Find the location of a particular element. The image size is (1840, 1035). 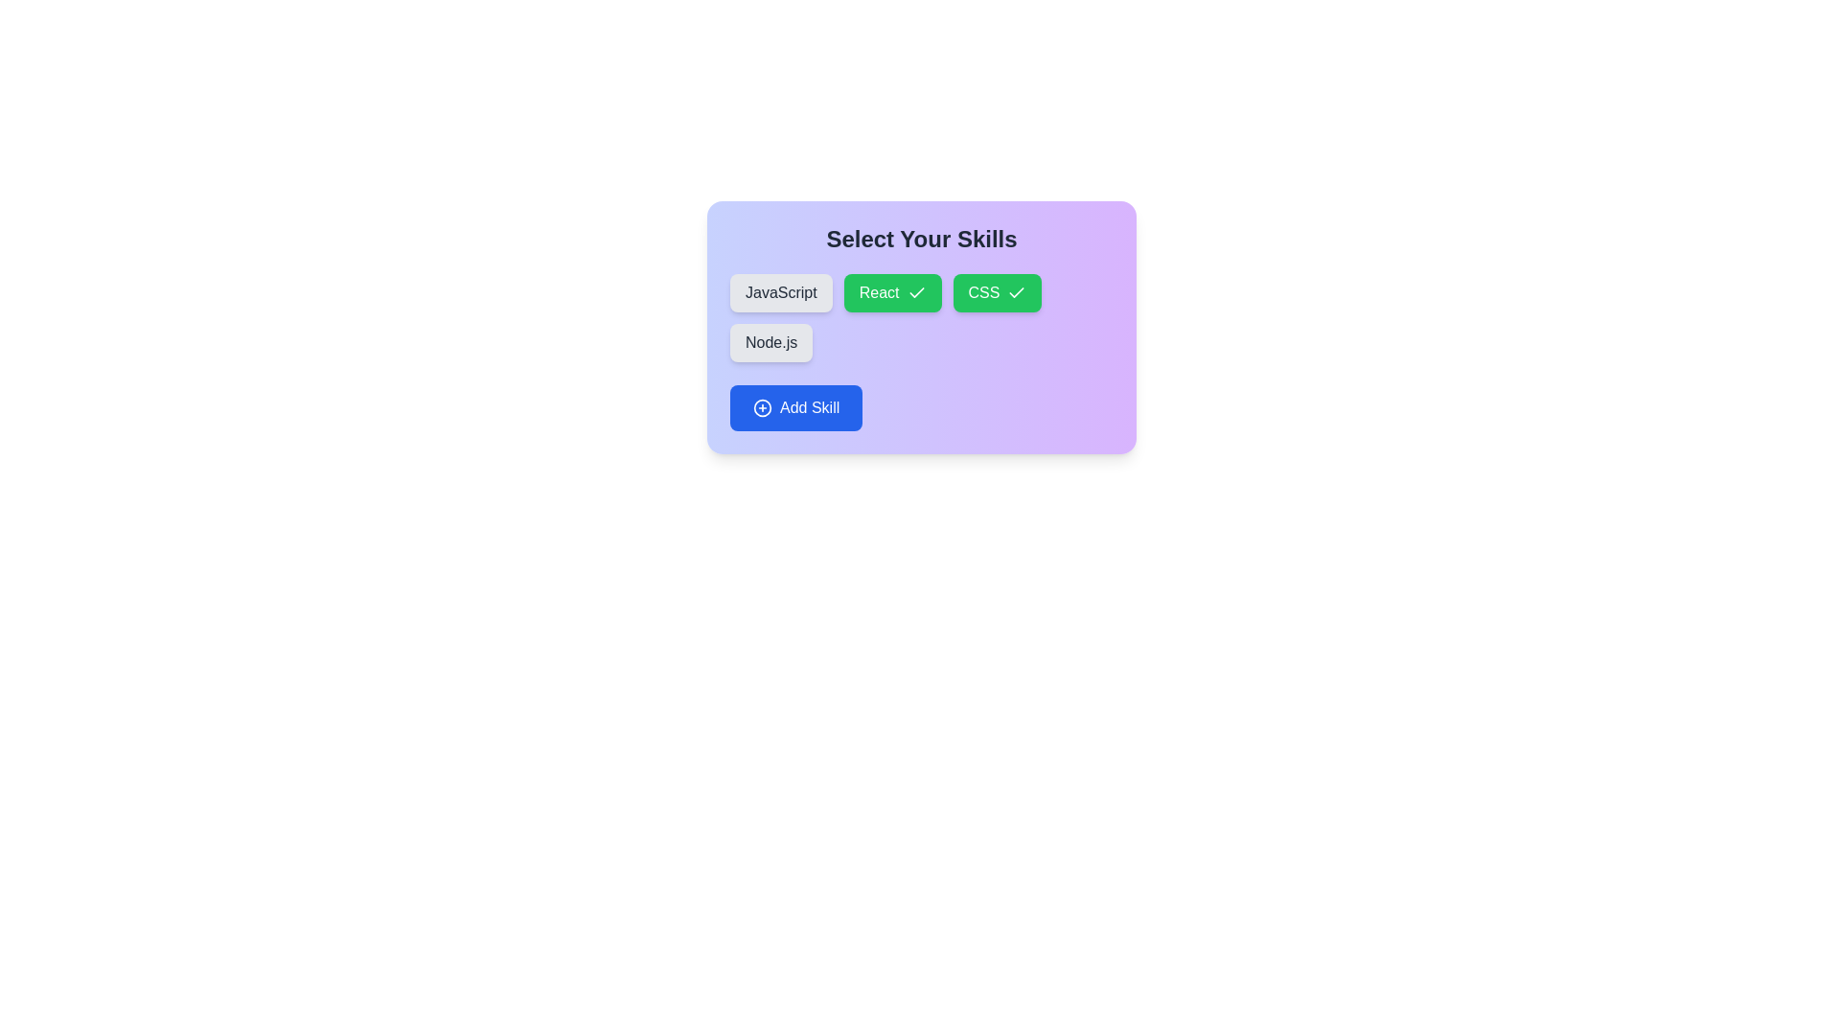

the skill CSS is located at coordinates (997, 292).